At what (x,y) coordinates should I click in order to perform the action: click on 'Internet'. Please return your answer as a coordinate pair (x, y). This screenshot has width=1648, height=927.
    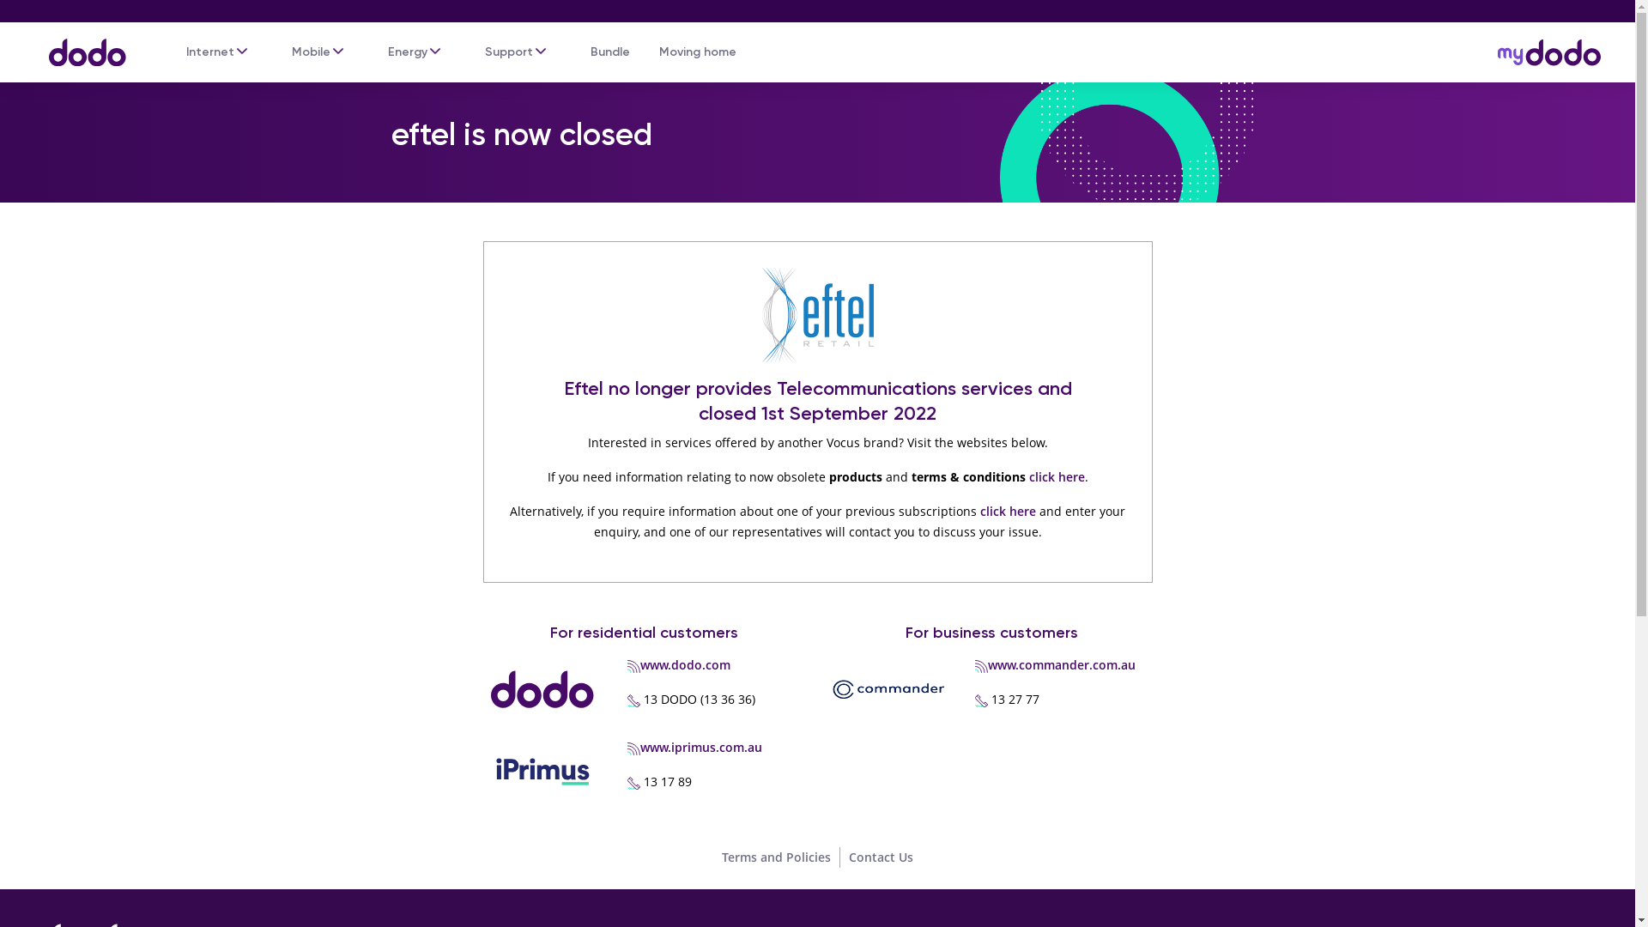
    Looking at the image, I should click on (209, 51).